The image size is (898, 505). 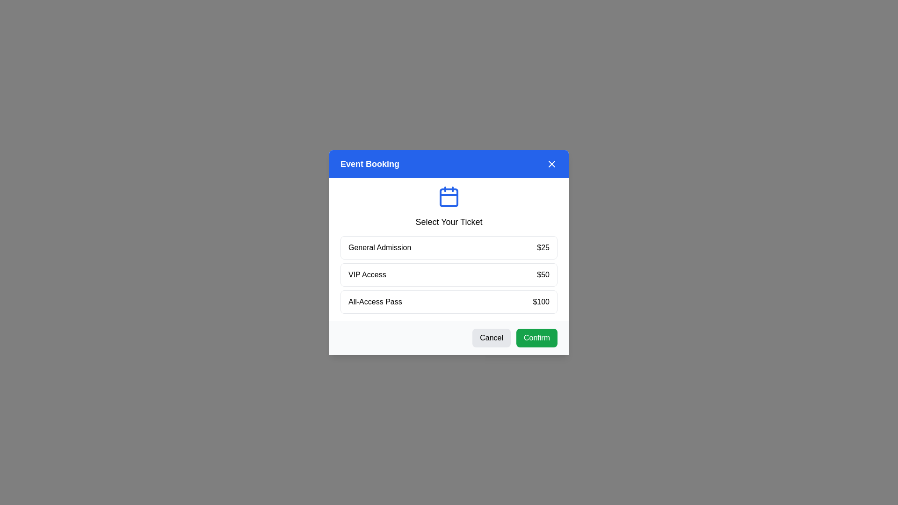 What do you see at coordinates (449, 197) in the screenshot?
I see `the decorative visual component that represents the inner content of the calendar icon in the header of the dialog box` at bounding box center [449, 197].